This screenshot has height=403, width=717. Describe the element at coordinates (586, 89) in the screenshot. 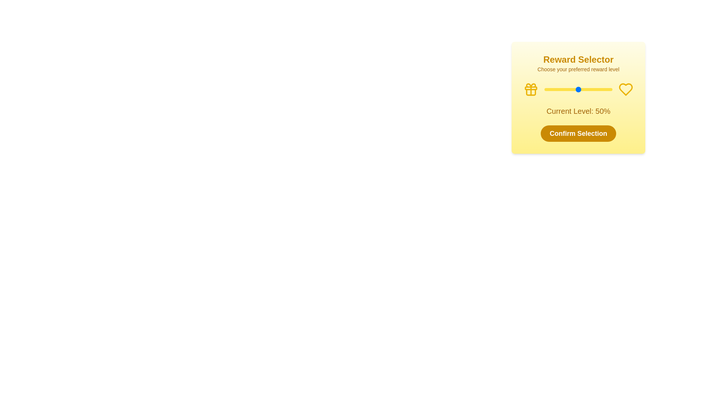

I see `the reward level` at that location.